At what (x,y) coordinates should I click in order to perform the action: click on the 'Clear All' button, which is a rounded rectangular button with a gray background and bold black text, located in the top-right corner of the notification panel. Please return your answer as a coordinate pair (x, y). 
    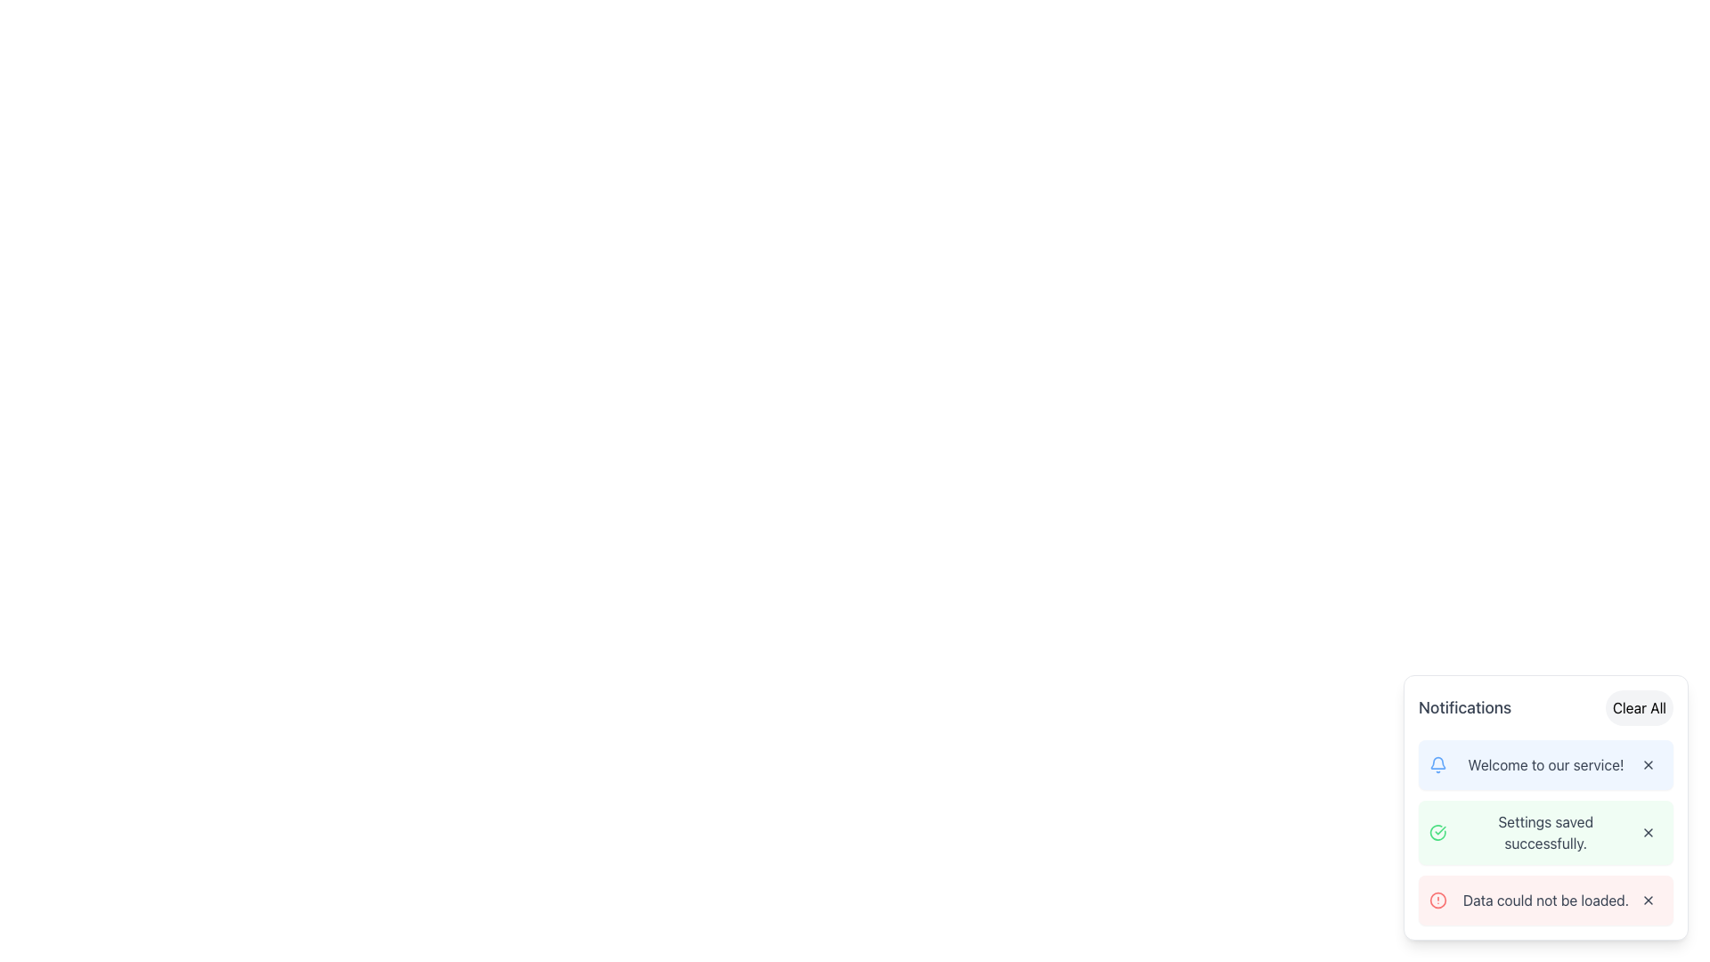
    Looking at the image, I should click on (1639, 706).